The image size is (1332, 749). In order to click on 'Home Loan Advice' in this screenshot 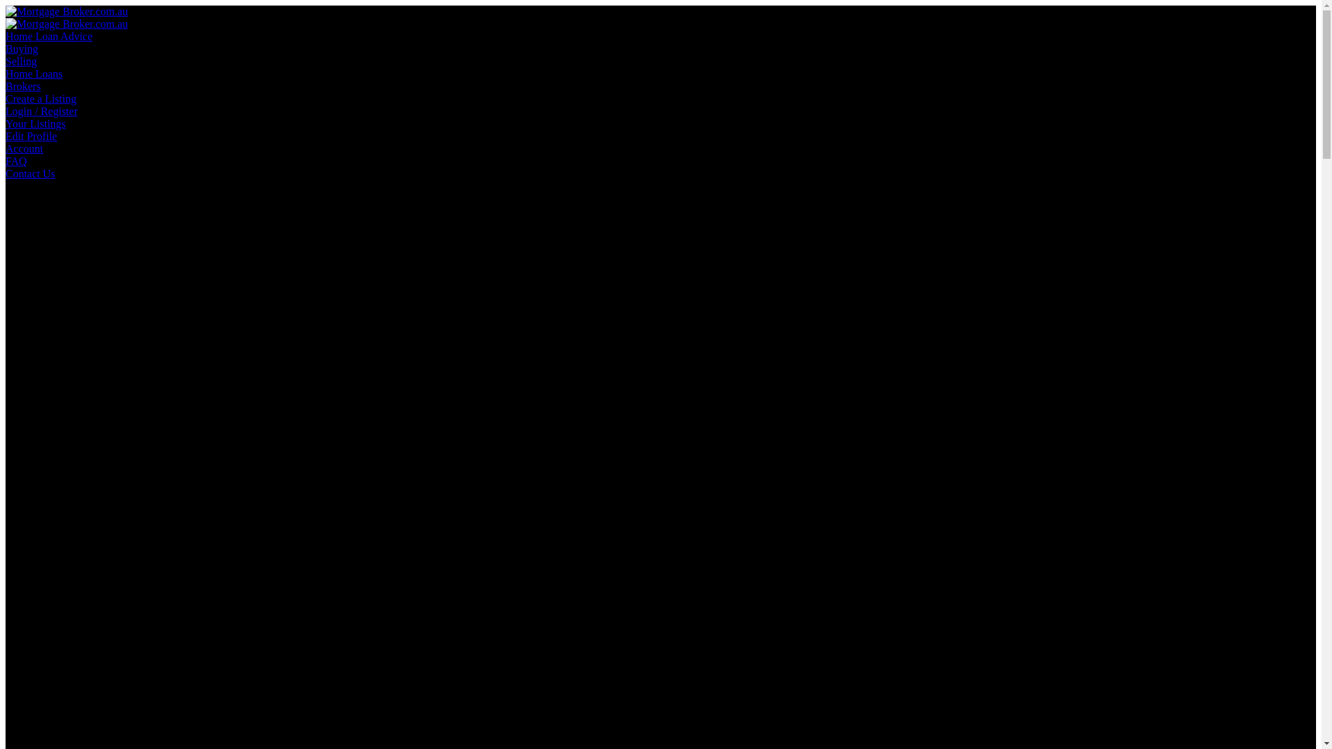, I will do `click(49, 35)`.